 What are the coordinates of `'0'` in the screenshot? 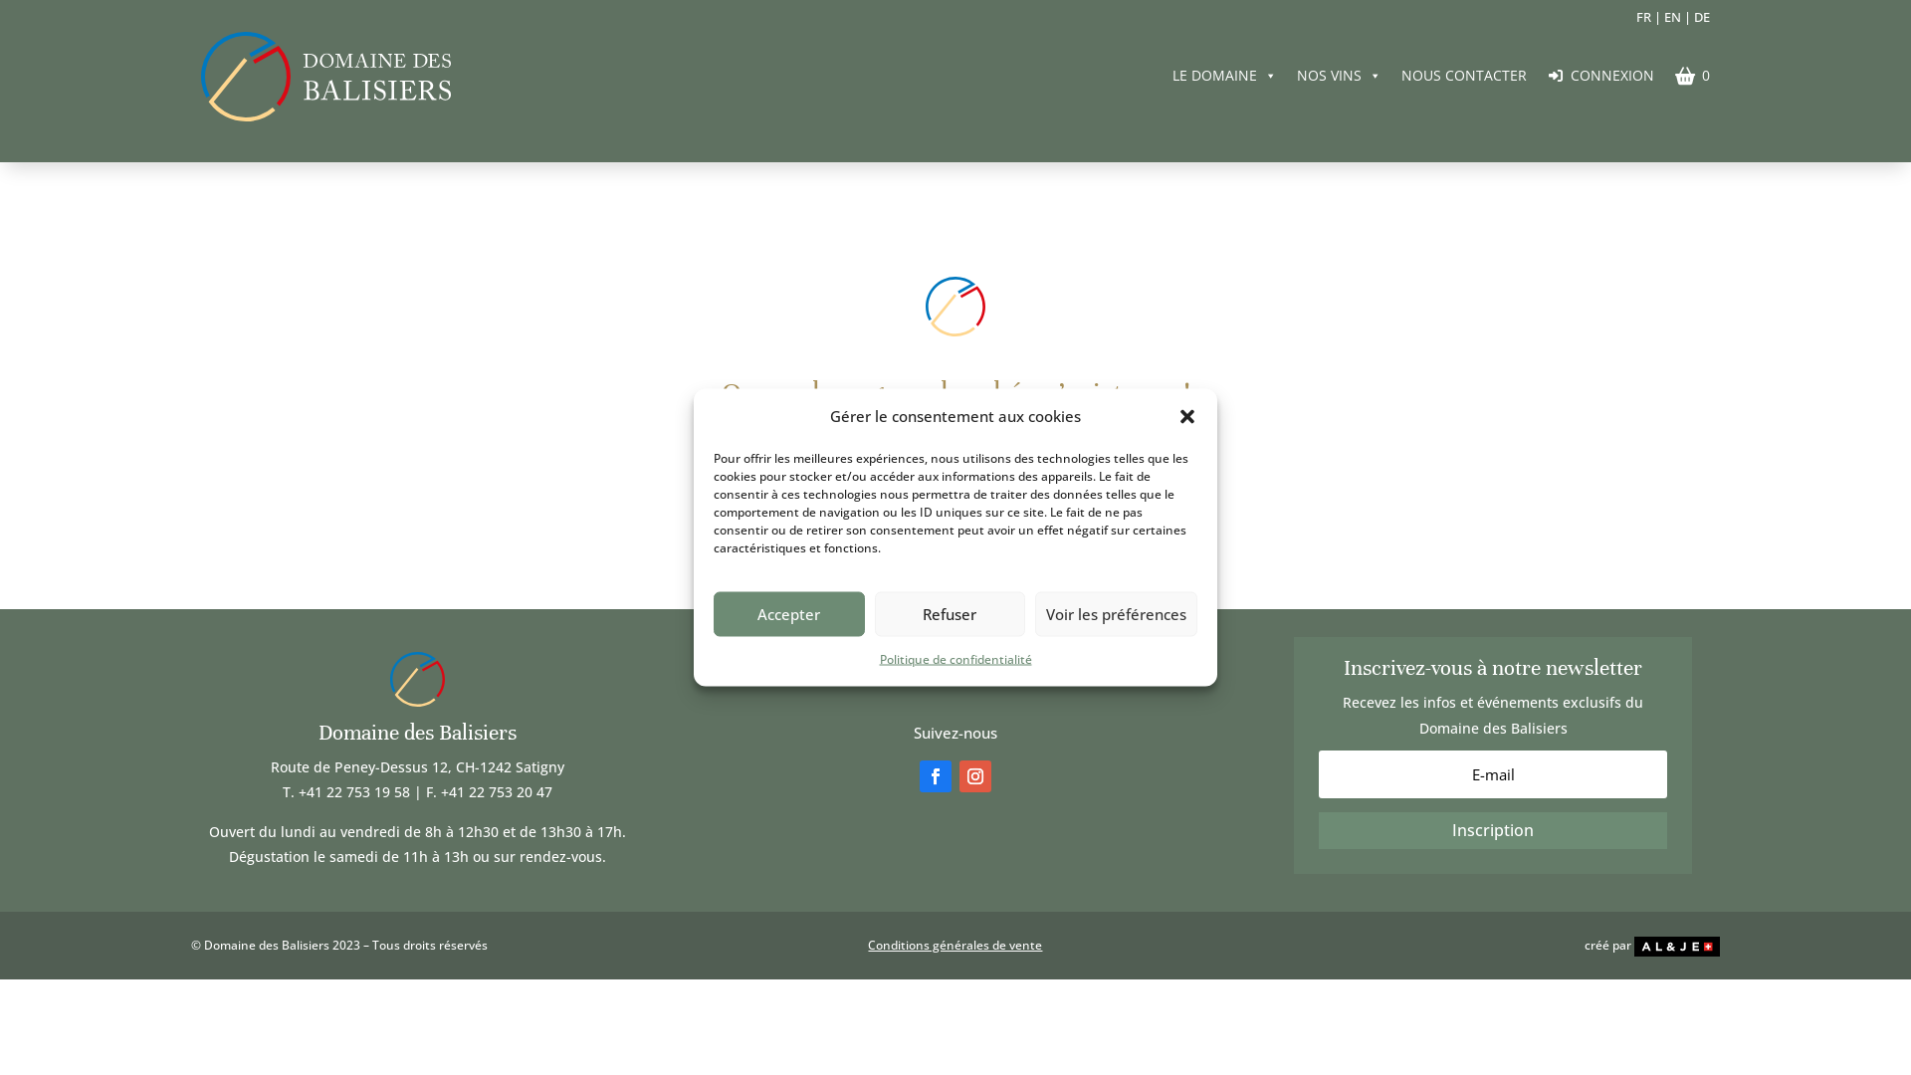 It's located at (1691, 73).